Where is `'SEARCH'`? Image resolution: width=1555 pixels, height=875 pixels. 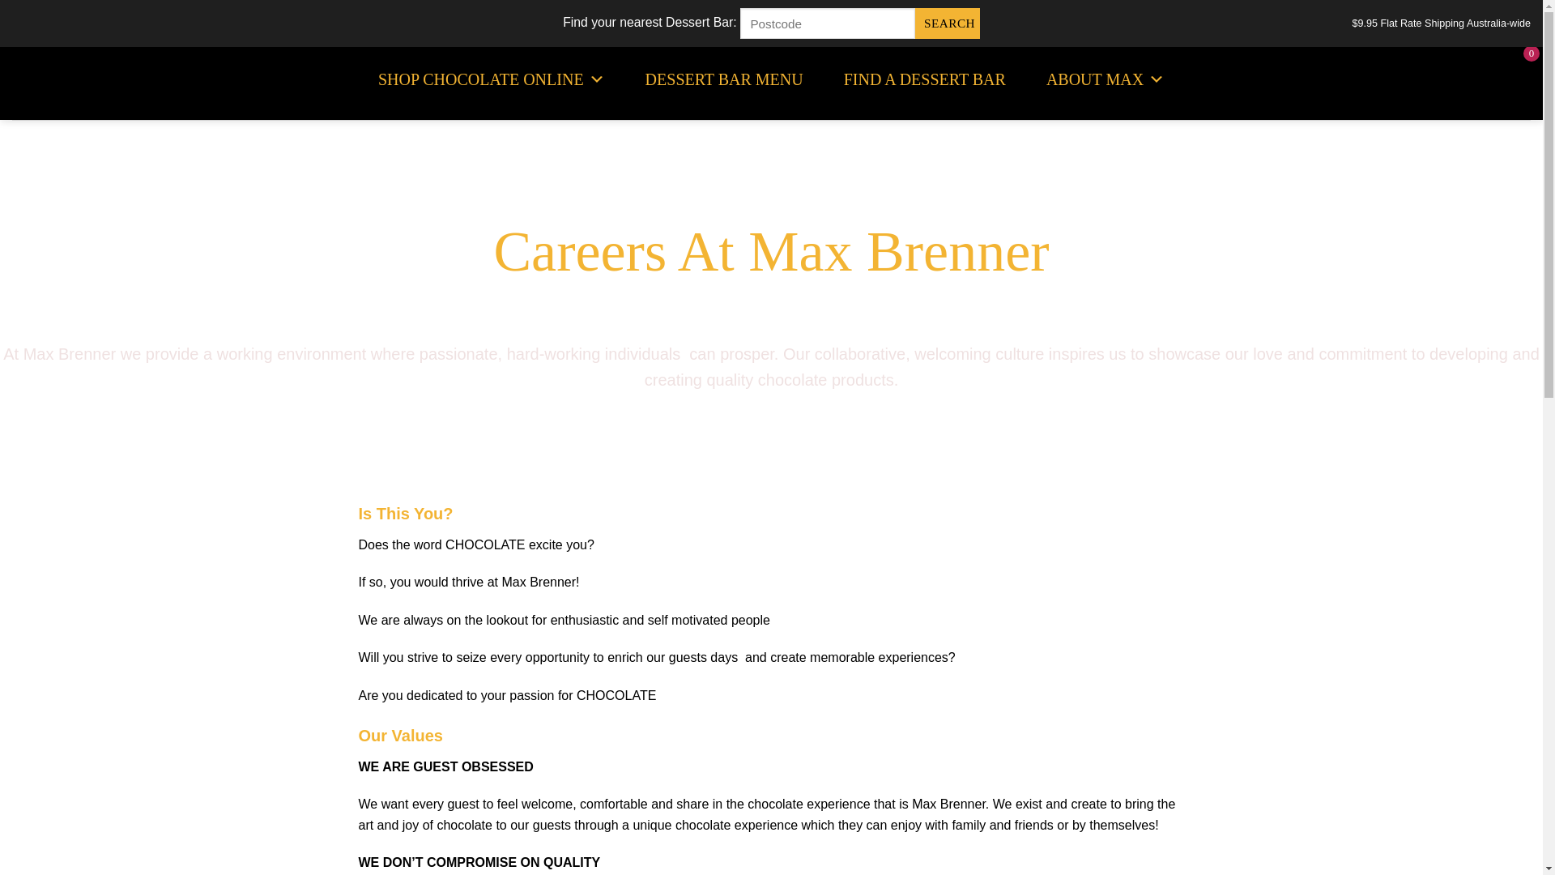
'SEARCH' is located at coordinates (914, 23).